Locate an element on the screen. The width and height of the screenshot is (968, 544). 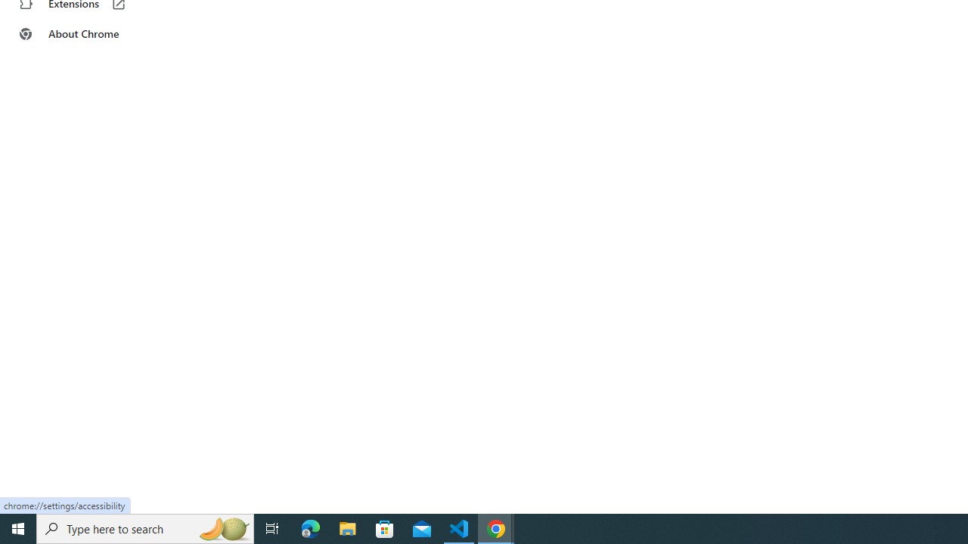
'About Chrome' is located at coordinates (93, 34).